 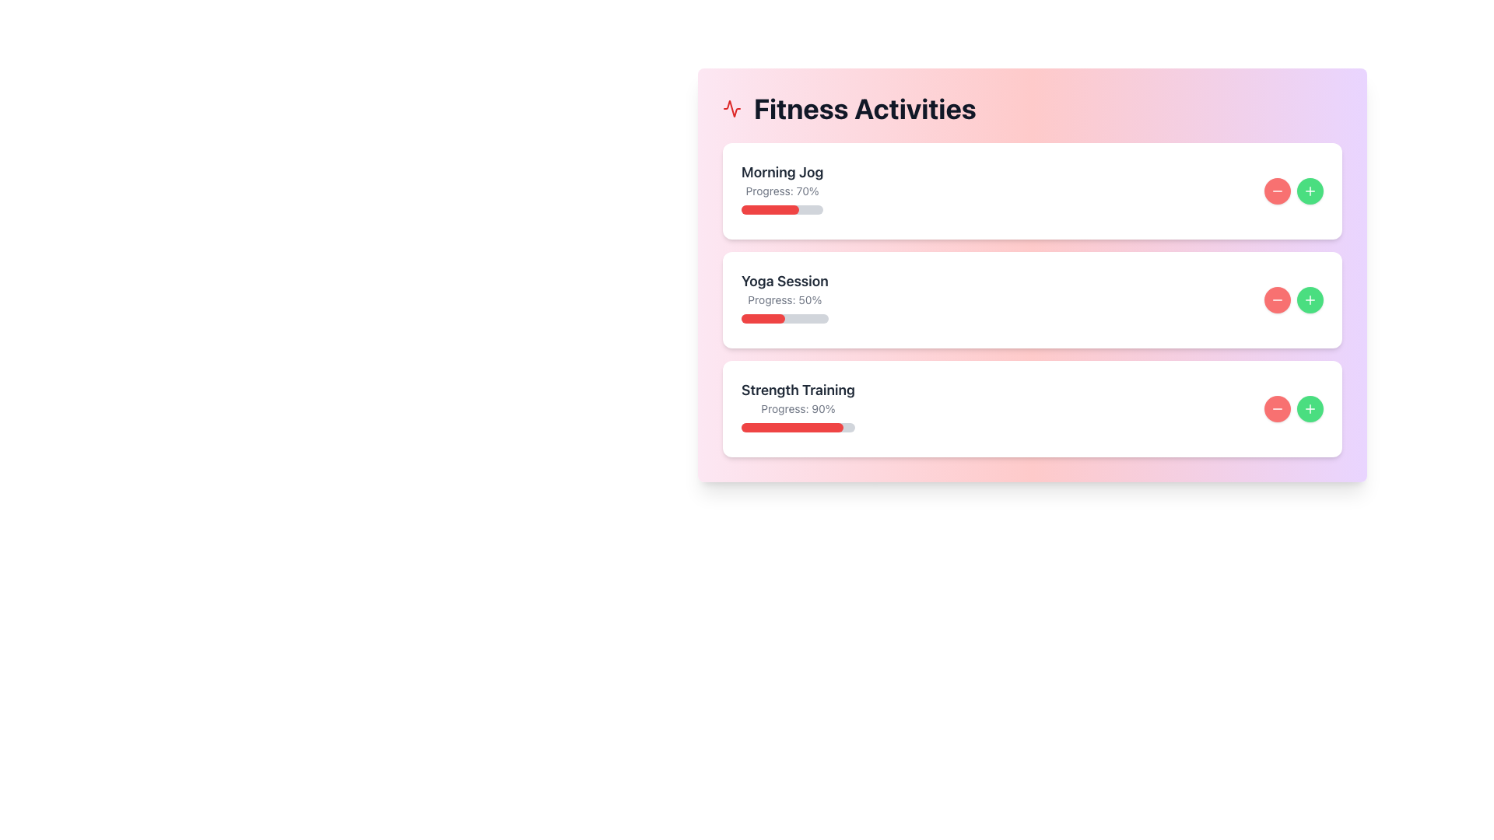 I want to click on the circular green button with a plus icon in the Strength Training section, so click(x=1310, y=408).